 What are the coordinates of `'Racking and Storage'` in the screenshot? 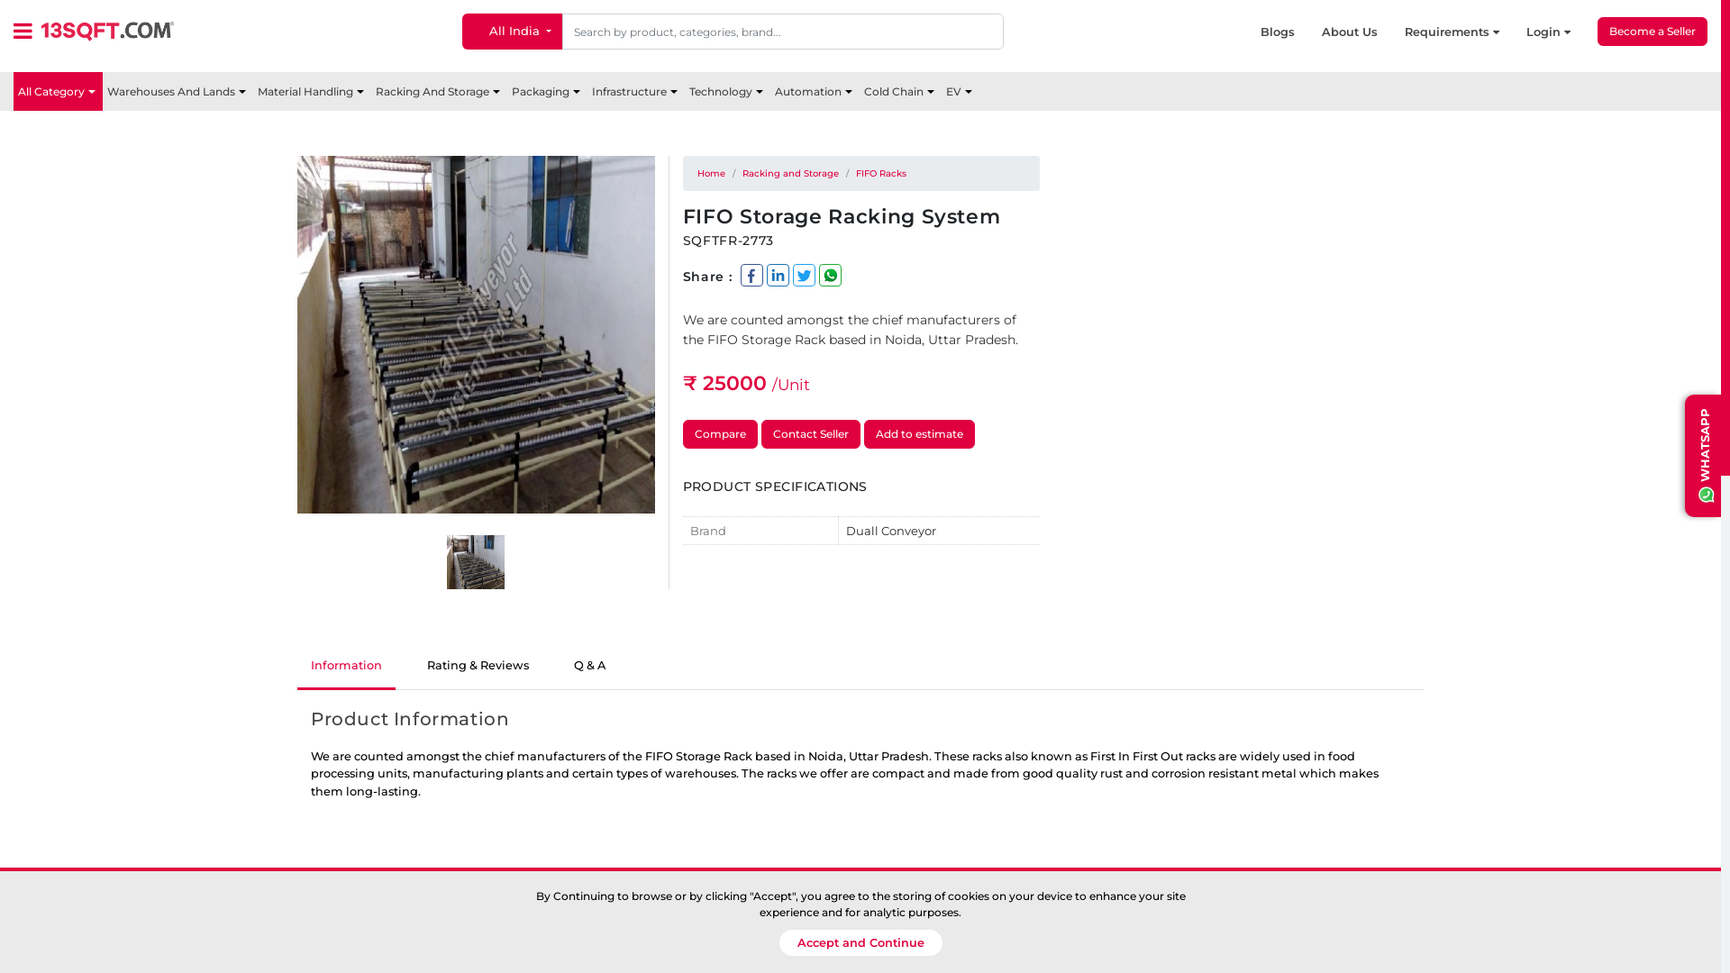 It's located at (790, 173).